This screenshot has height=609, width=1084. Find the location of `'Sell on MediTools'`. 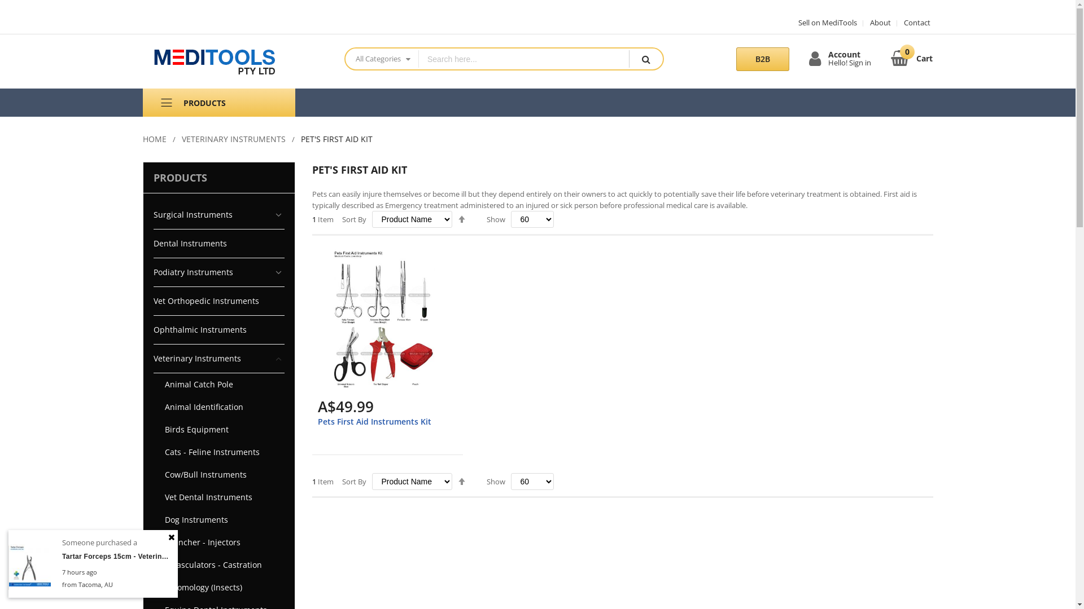

'Sell on MediTools' is located at coordinates (827, 22).